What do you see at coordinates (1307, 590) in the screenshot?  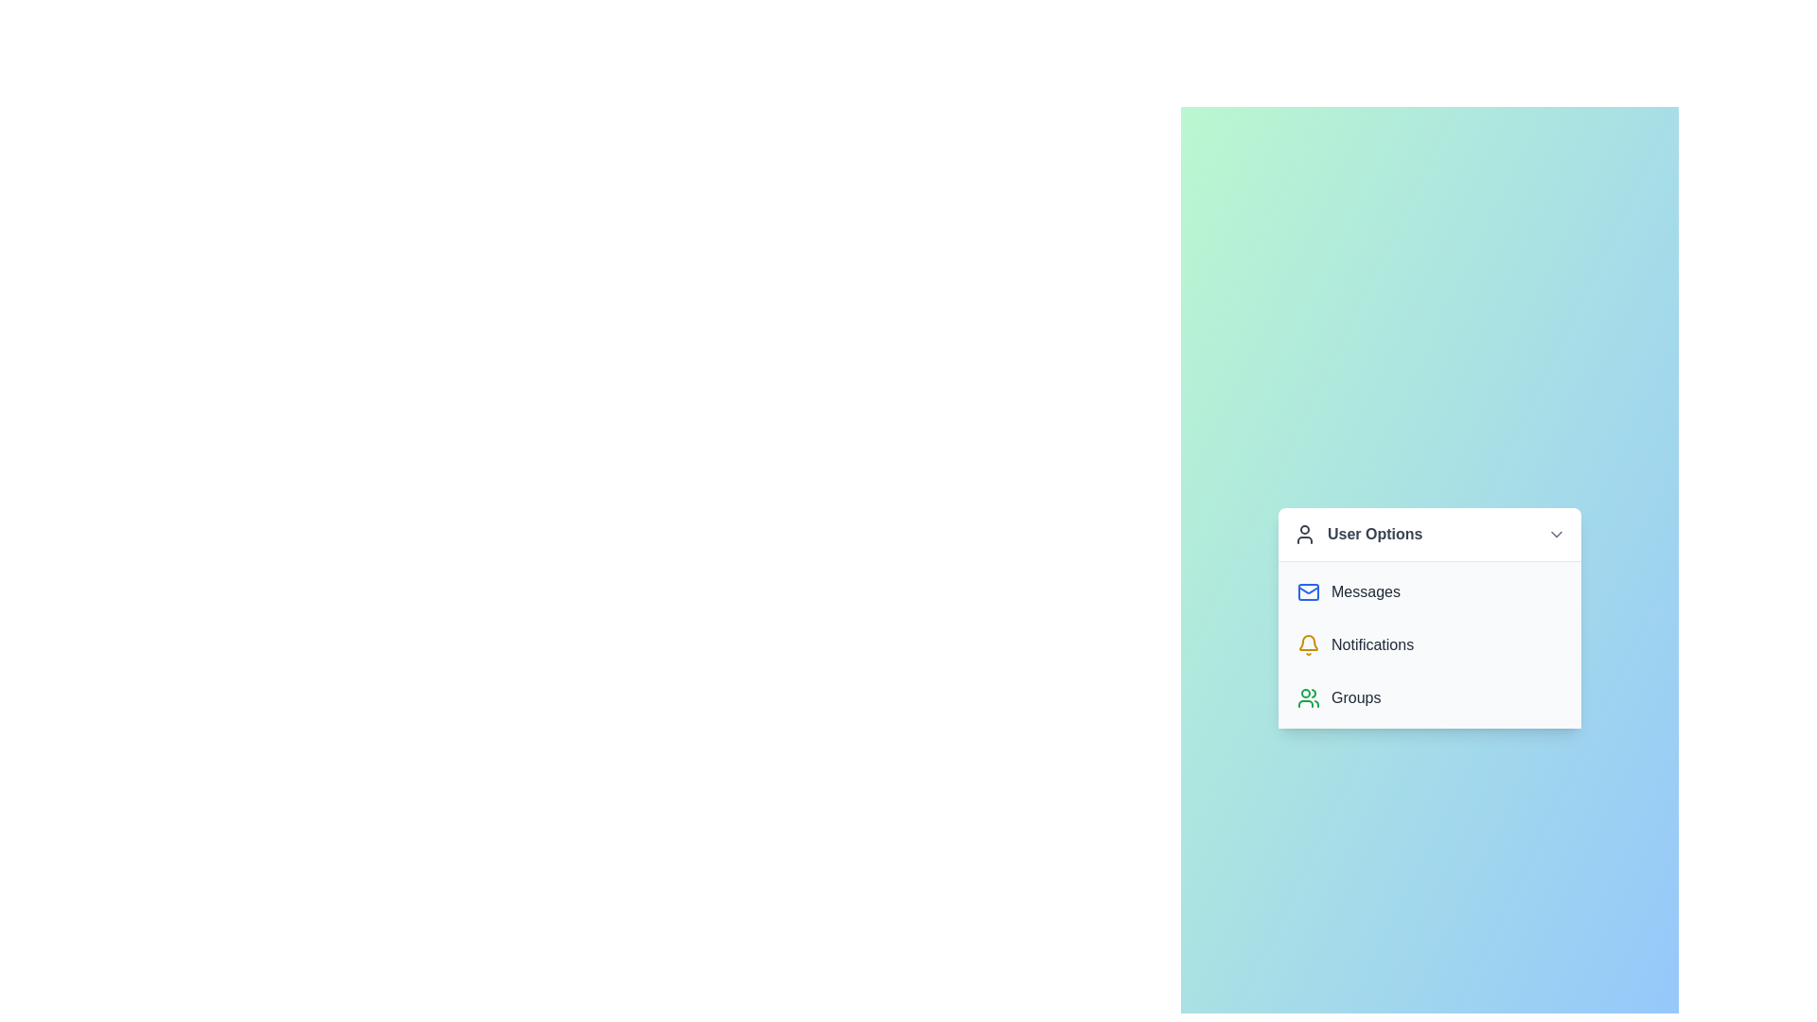 I see `the blue outline-style mail icon located under 'User Options', which is horizontally aligned with the 'Messages' label` at bounding box center [1307, 590].